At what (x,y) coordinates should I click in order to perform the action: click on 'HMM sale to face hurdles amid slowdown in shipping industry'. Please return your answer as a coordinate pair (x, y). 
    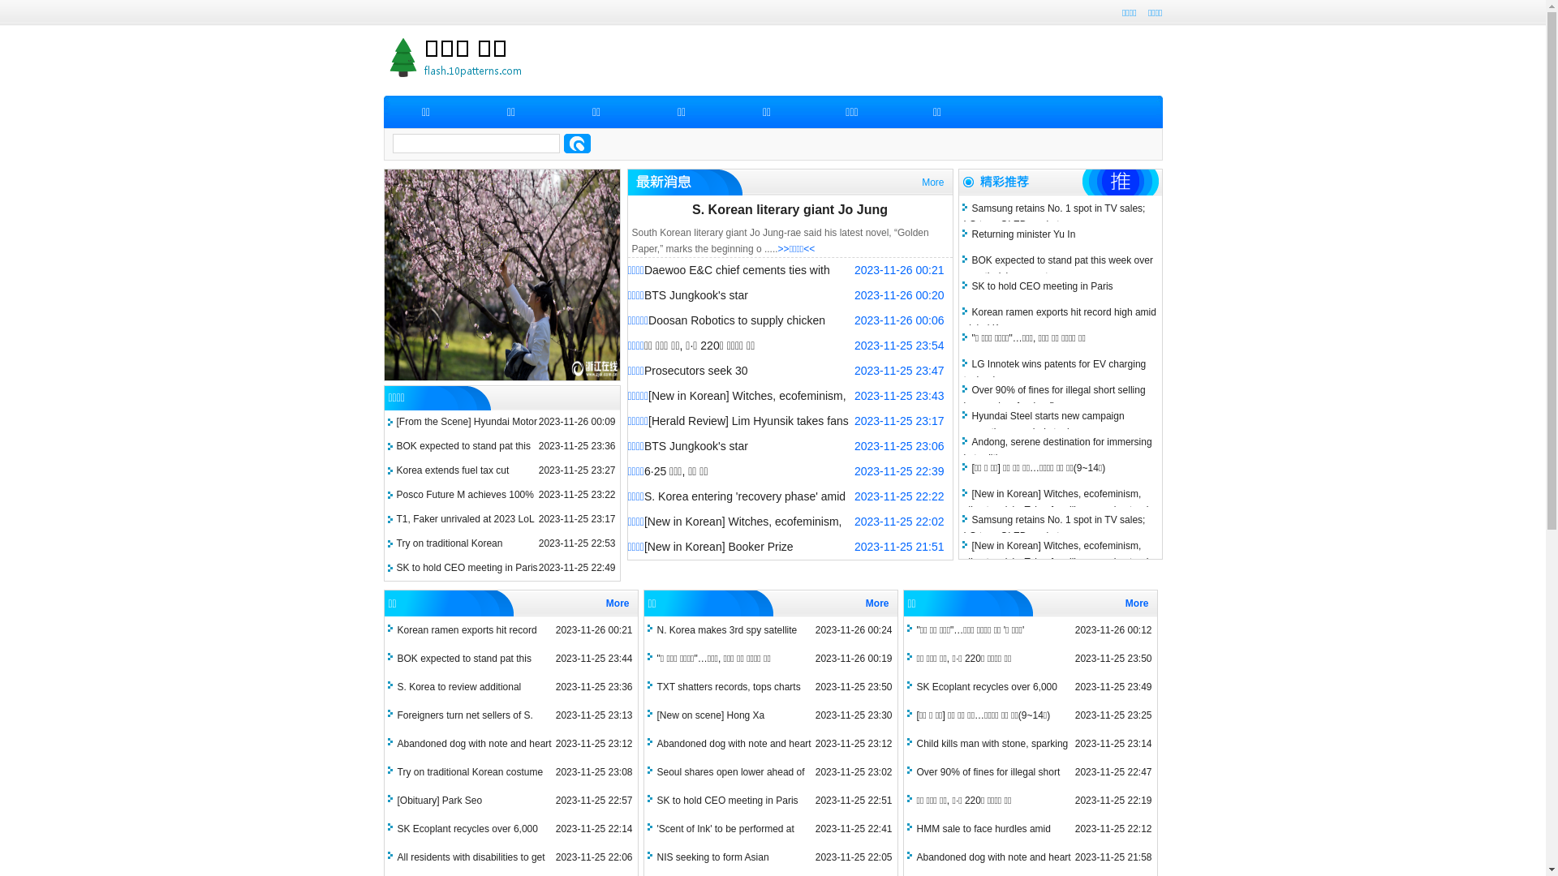
    Looking at the image, I should click on (907, 838).